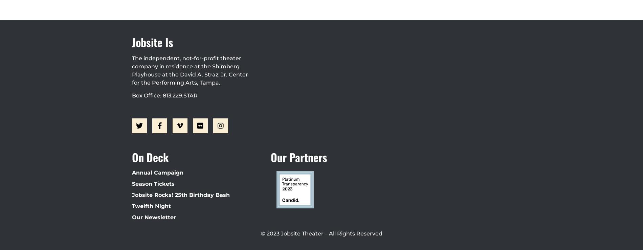 This screenshot has height=250, width=643. I want to click on 'Annual Campaign', so click(157, 172).